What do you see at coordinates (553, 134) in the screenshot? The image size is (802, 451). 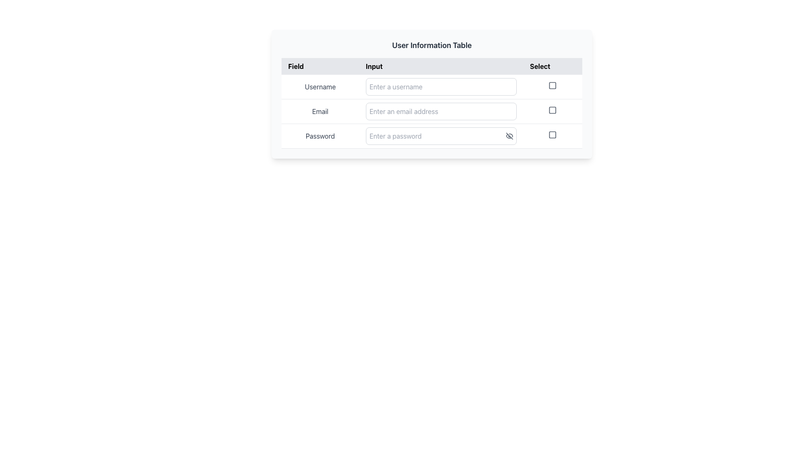 I see `the checkbox or toggle icon located in the 'Select' column of the table corresponding to the 'Password' field` at bounding box center [553, 134].